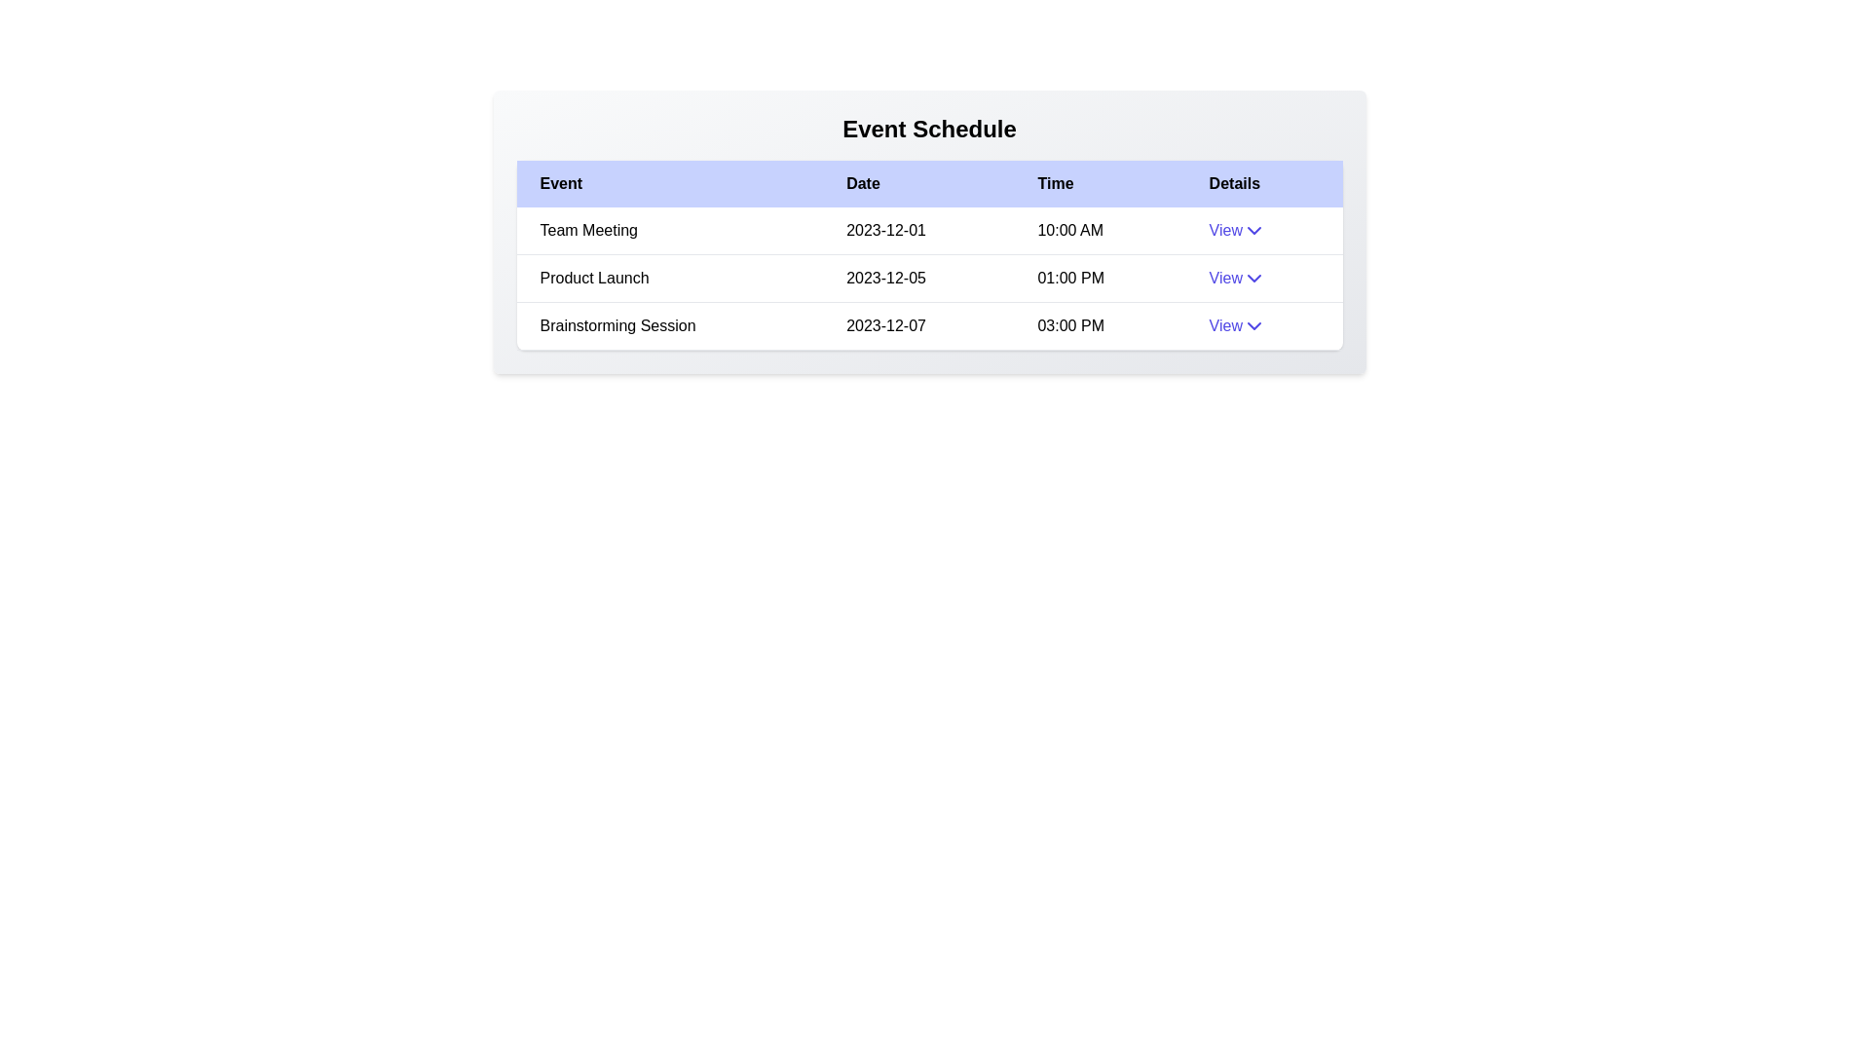 This screenshot has width=1870, height=1052. I want to click on the column header labeled 'Event' to sort the table by that column, so click(669, 184).